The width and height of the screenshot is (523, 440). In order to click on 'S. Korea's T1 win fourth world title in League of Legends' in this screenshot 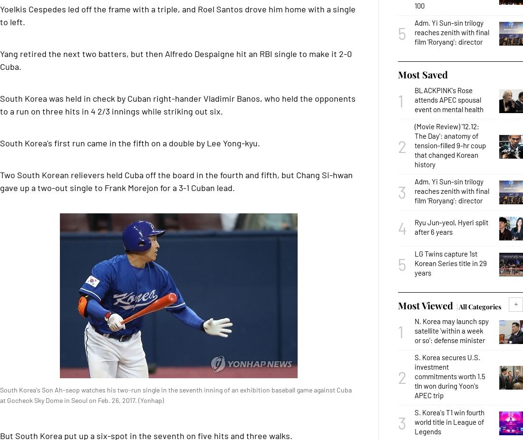, I will do `click(449, 422)`.